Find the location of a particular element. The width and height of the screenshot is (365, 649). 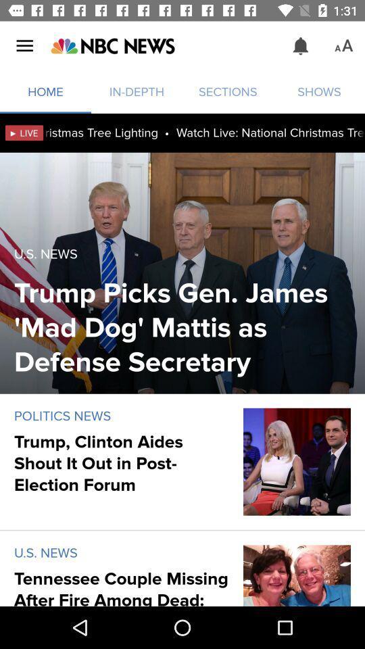

item above home is located at coordinates (24, 46).